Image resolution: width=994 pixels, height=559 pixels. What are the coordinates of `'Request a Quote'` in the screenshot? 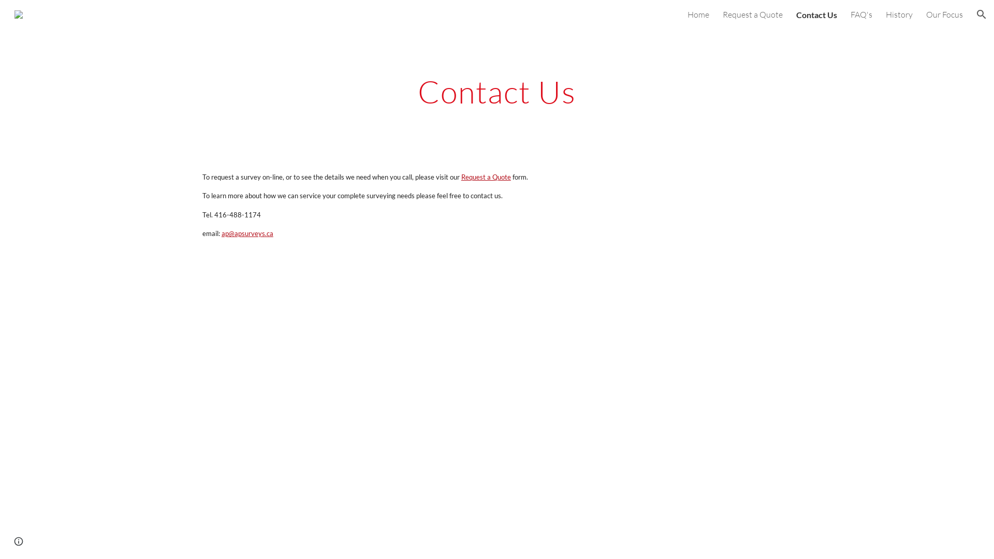 It's located at (722, 14).